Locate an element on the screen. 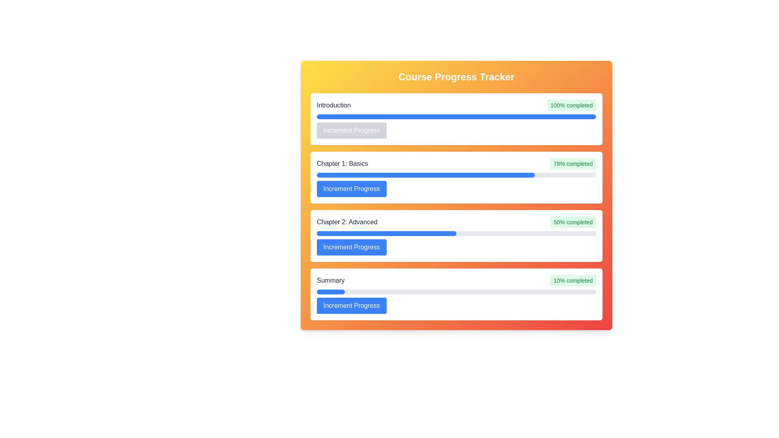  the Progress Bar indicating full completion of the 'Introduction' section in the 'Course Progress Tracker' is located at coordinates (456, 117).